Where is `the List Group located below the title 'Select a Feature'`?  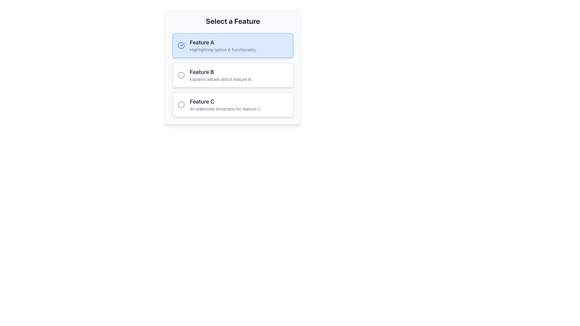 the List Group located below the title 'Select a Feature' is located at coordinates (233, 75).